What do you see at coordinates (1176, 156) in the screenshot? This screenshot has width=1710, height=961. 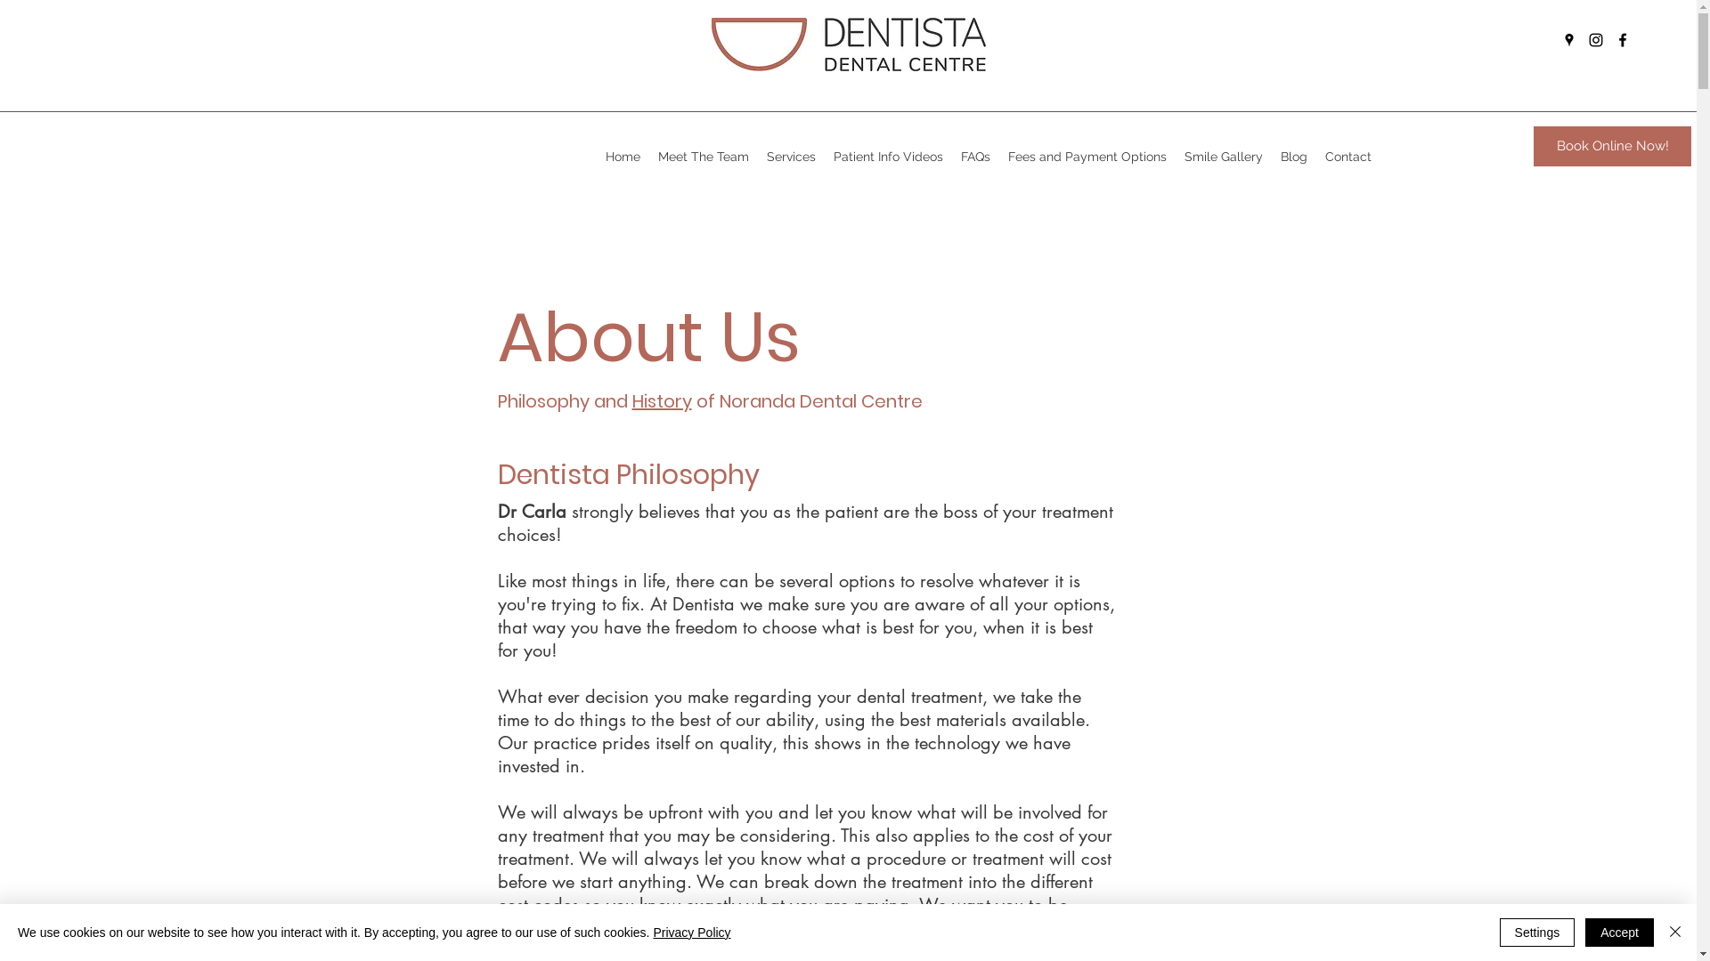 I see `'Smile Gallery'` at bounding box center [1176, 156].